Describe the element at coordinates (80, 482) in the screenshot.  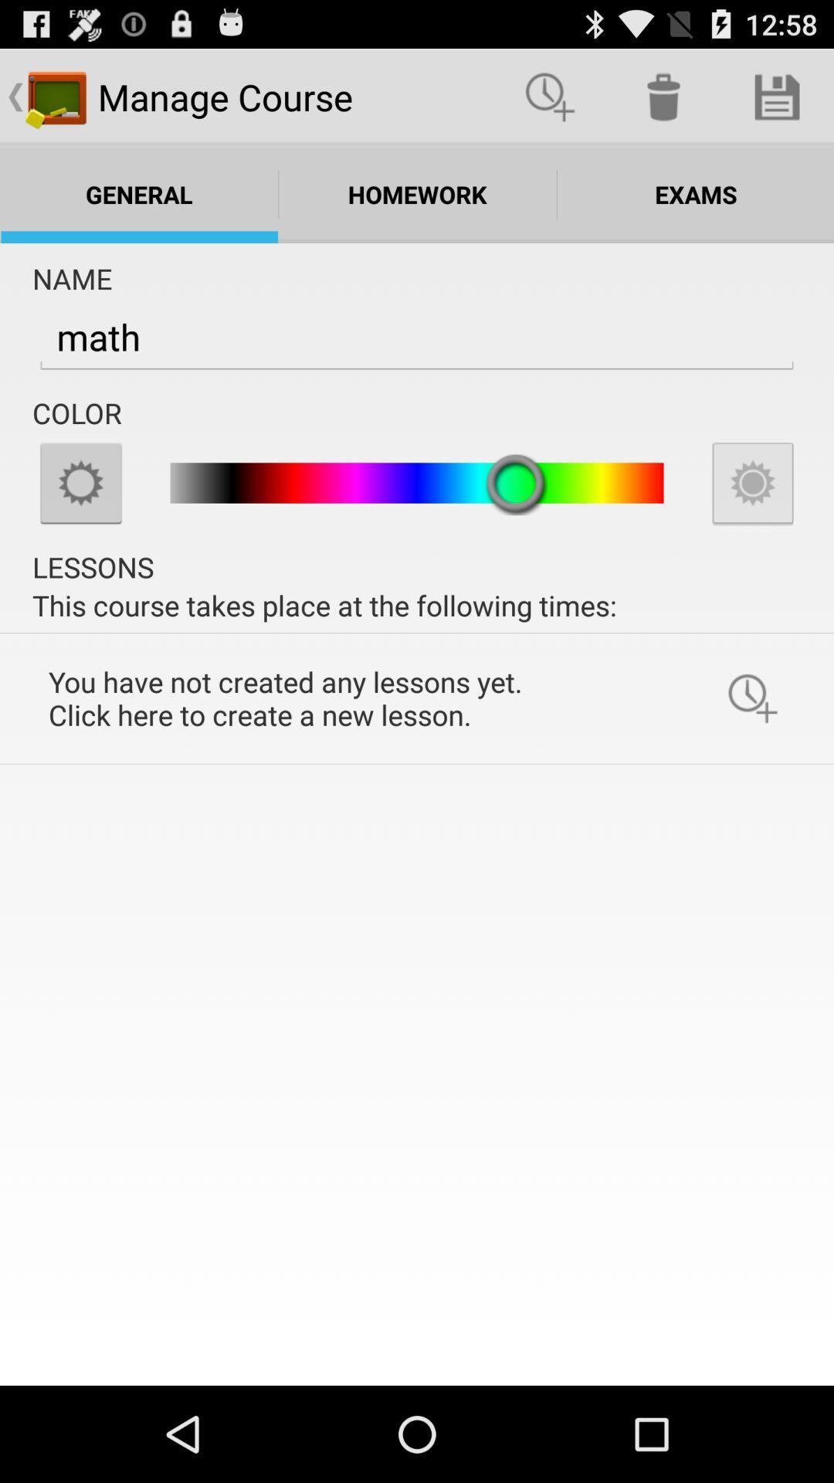
I see `its a sun icon thats flashini yellow` at that location.